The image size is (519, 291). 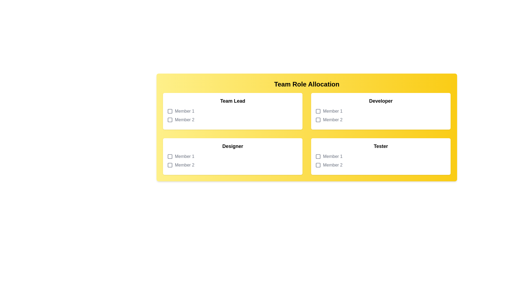 What do you see at coordinates (318, 157) in the screenshot?
I see `the icon next to Tester for Member 1 to toggle selection` at bounding box center [318, 157].